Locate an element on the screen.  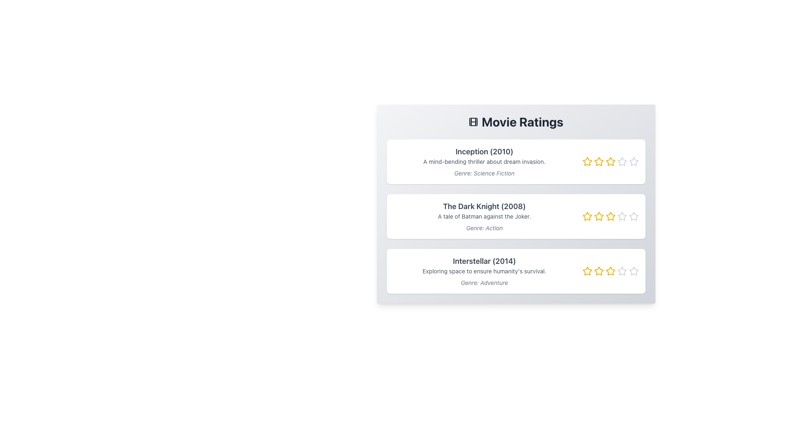
text label displaying 'Genre: Science Fiction' which is styled in a small, italic font and is located below the movie description for 'Inception (2010)' is located at coordinates (484, 173).